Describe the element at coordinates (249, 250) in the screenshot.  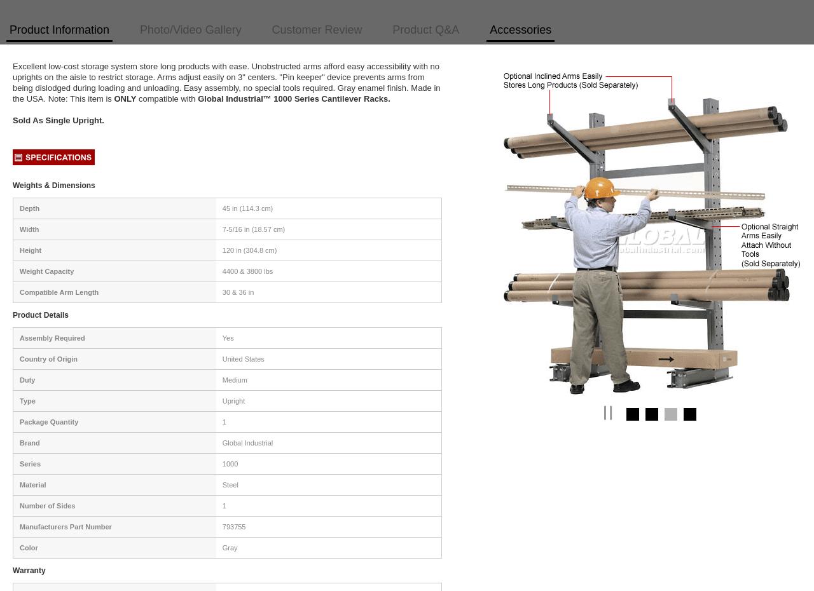
I see `'120 in (304.8 cm)'` at that location.